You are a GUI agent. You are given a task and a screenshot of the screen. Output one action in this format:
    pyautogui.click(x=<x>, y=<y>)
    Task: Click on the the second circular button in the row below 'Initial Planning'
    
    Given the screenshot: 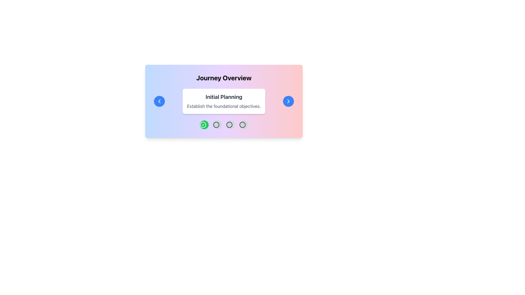 What is the action you would take?
    pyautogui.click(x=216, y=125)
    